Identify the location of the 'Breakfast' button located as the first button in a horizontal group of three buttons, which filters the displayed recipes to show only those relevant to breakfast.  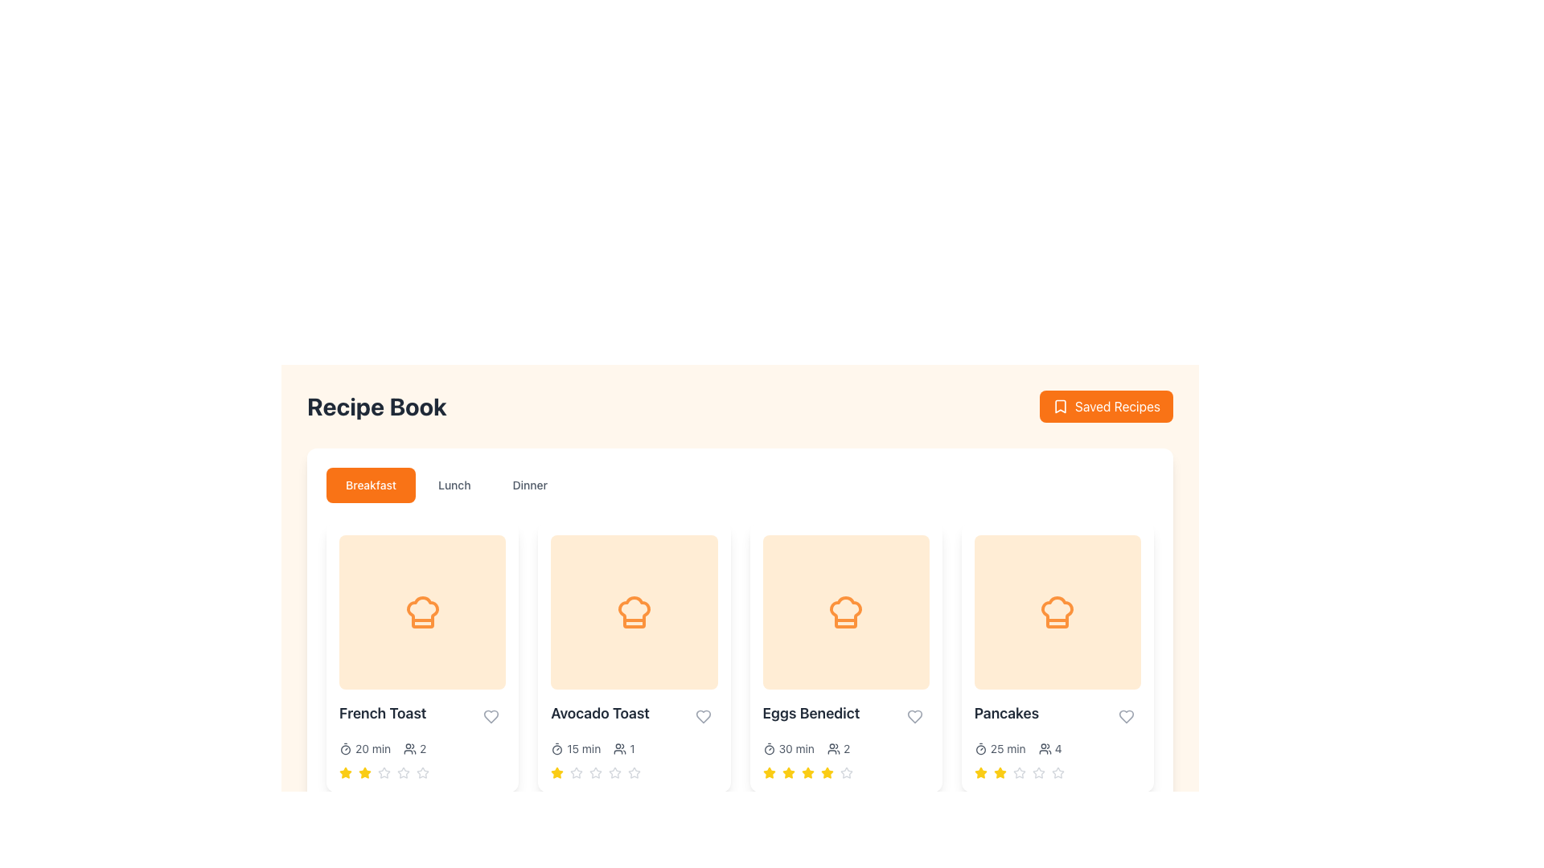
(370, 485).